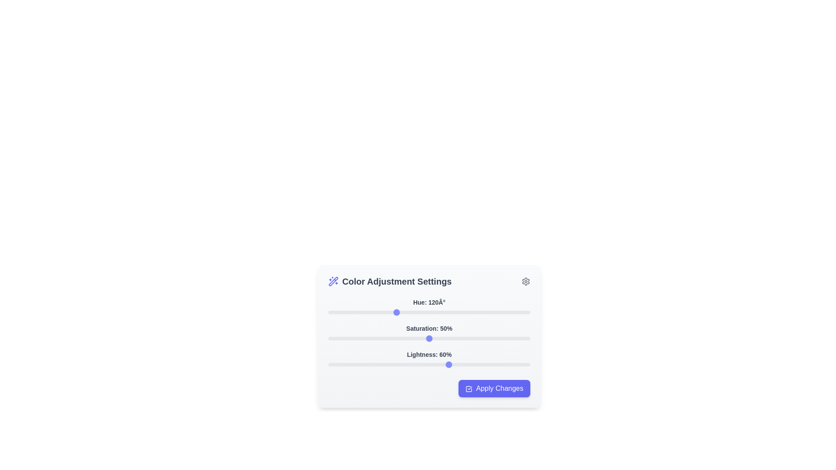  I want to click on the lightness, so click(461, 364).